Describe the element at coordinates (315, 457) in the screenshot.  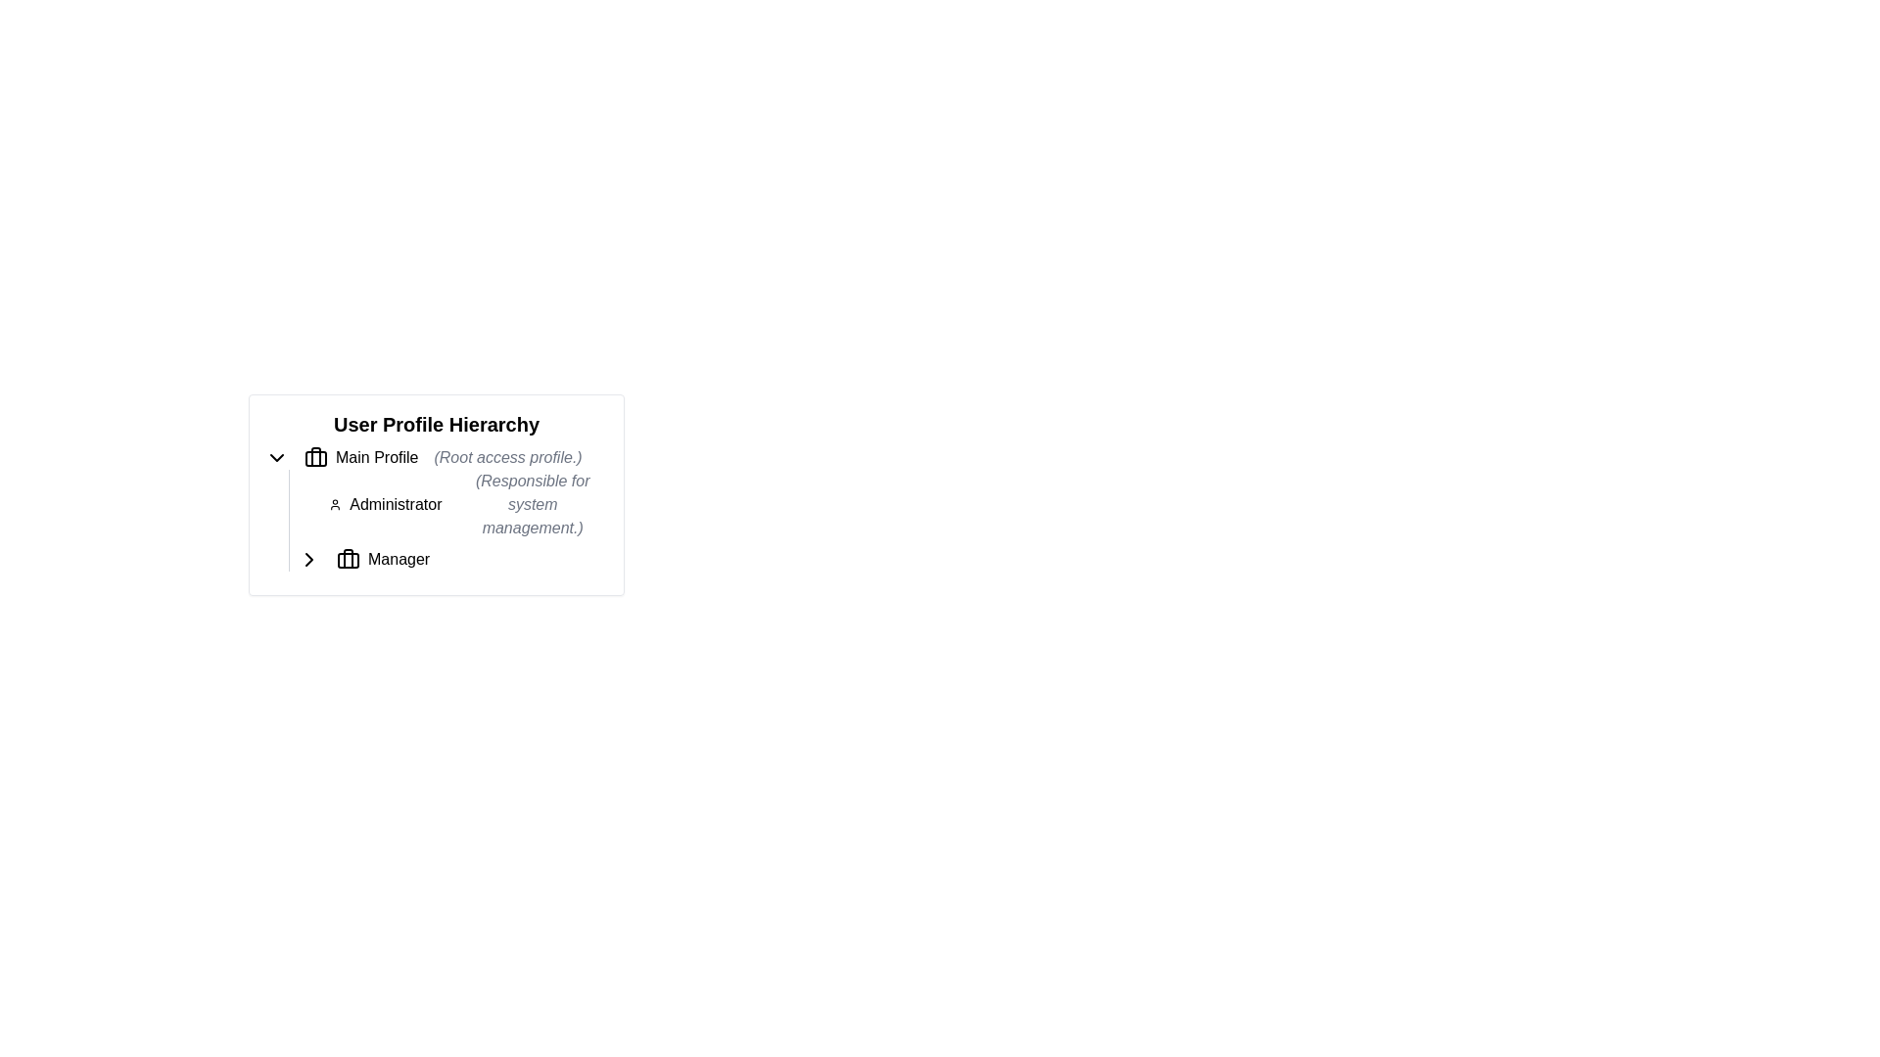
I see `the profile icon located to the left of the 'Main Profile' text in the 'User Profile Hierarchy' section` at that location.